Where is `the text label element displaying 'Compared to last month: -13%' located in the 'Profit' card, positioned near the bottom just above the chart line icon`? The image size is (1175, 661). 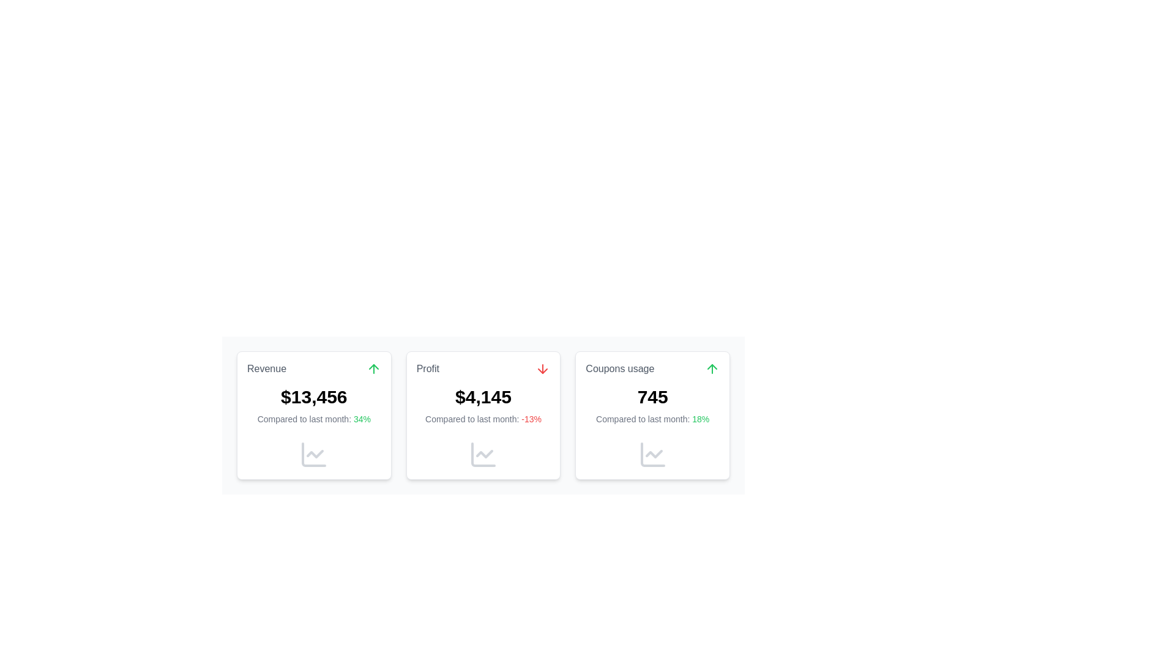
the text label element displaying 'Compared to last month: -13%' located in the 'Profit' card, positioned near the bottom just above the chart line icon is located at coordinates (482, 419).